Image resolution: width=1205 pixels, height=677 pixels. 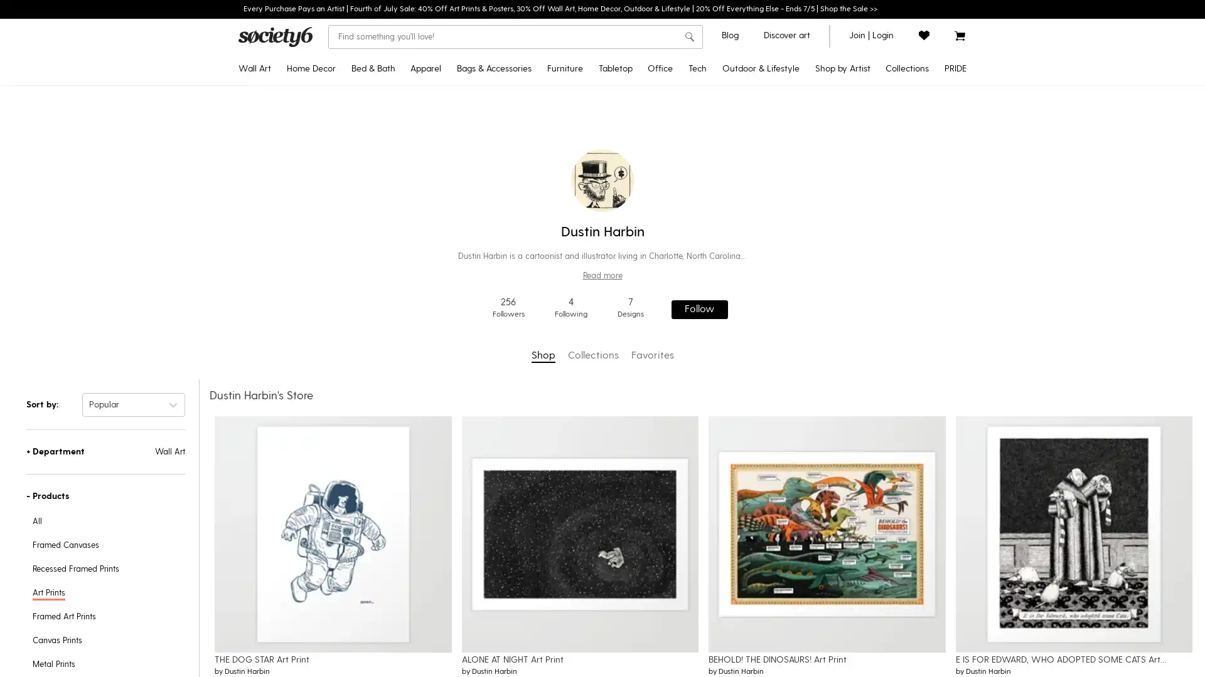 What do you see at coordinates (777, 100) in the screenshot?
I see `Outdoor RugsNEW` at bounding box center [777, 100].